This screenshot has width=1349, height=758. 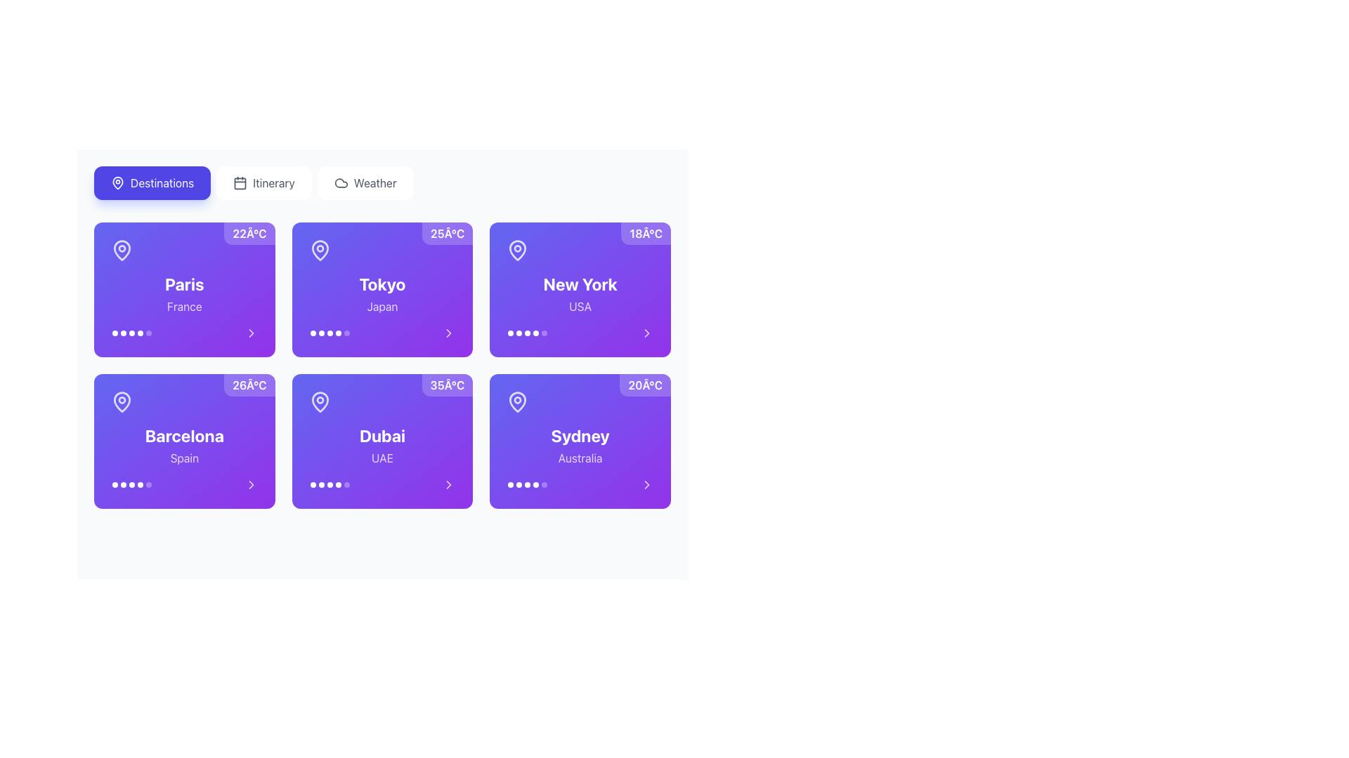 I want to click on the right-facing chevron arrow icon located at the bottom-right corner of the 'New York' card to initiate an action, so click(x=646, y=333).